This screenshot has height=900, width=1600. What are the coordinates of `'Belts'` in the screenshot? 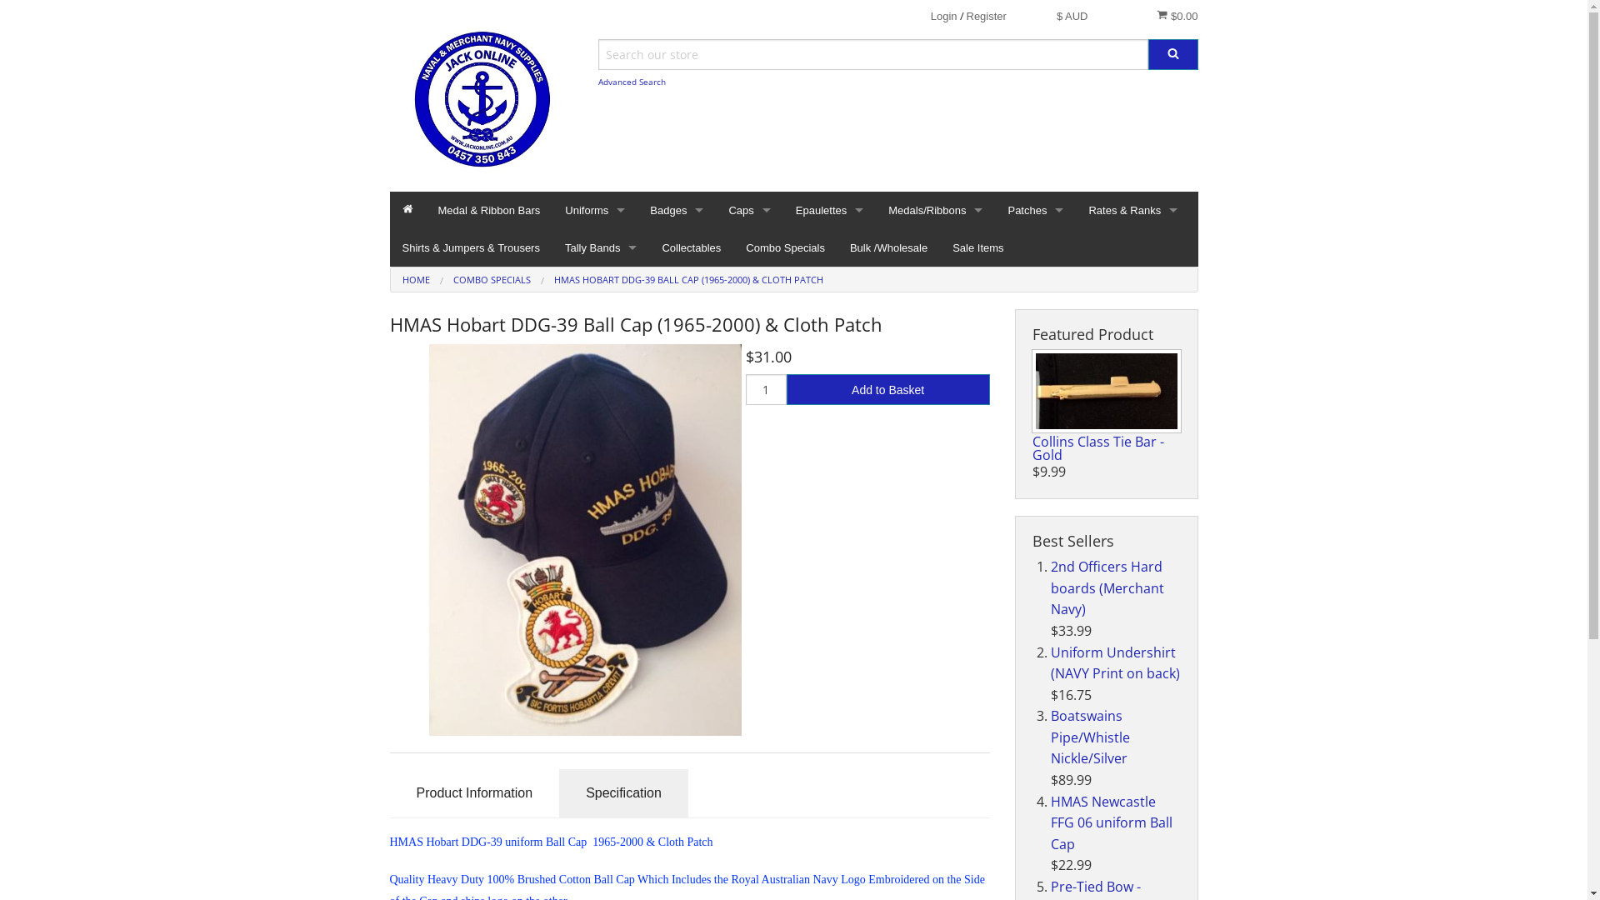 It's located at (595, 342).